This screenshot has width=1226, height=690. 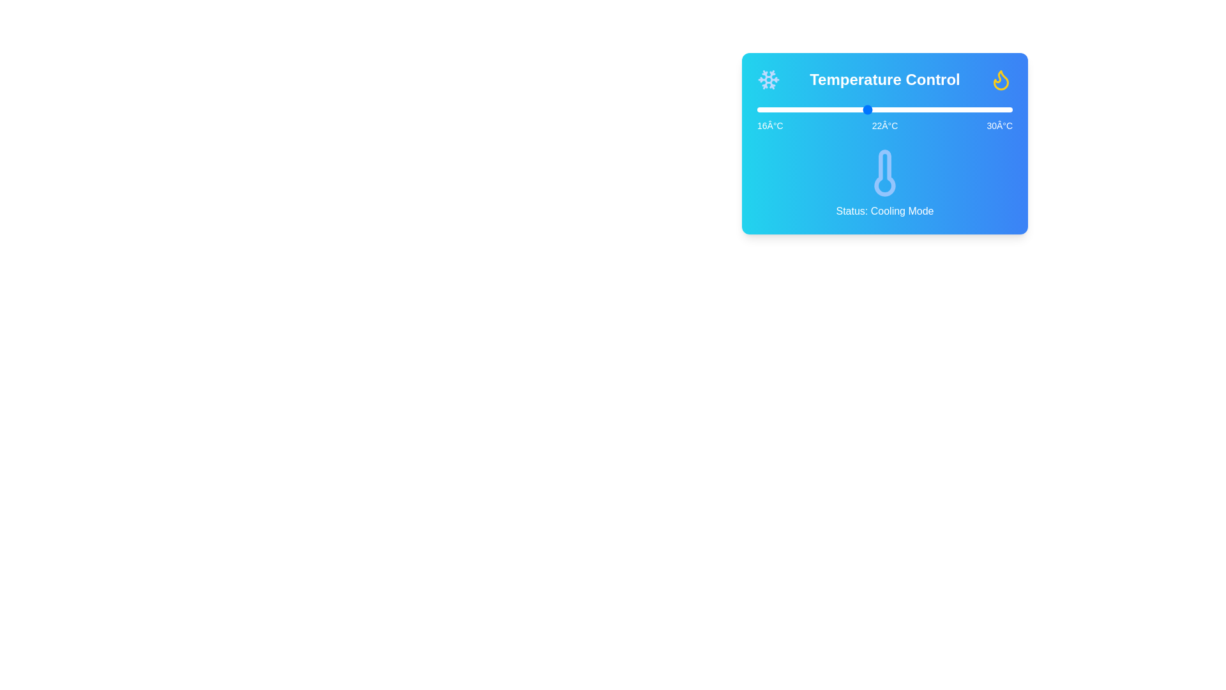 I want to click on the temperature to 26°C by dragging the slider, so click(x=939, y=109).